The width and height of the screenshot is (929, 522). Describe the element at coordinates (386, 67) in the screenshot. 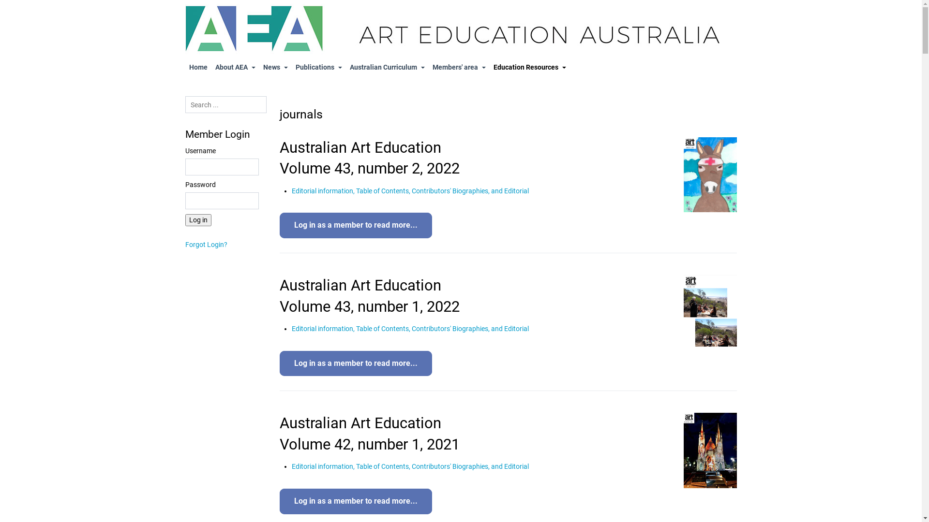

I see `'Australian Curriculum'` at that location.